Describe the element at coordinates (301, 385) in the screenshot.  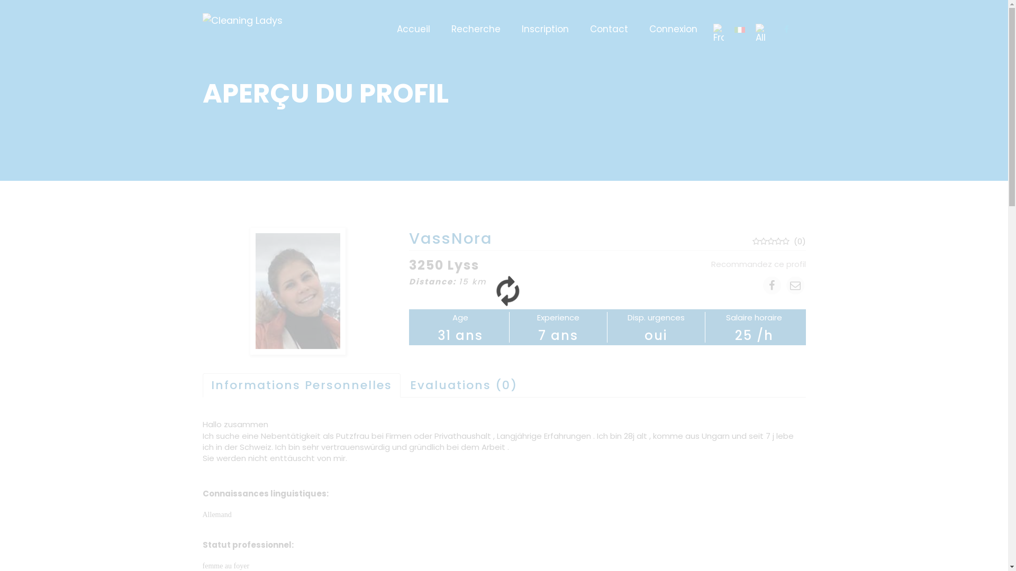
I see `'Informations Personnelles'` at that location.